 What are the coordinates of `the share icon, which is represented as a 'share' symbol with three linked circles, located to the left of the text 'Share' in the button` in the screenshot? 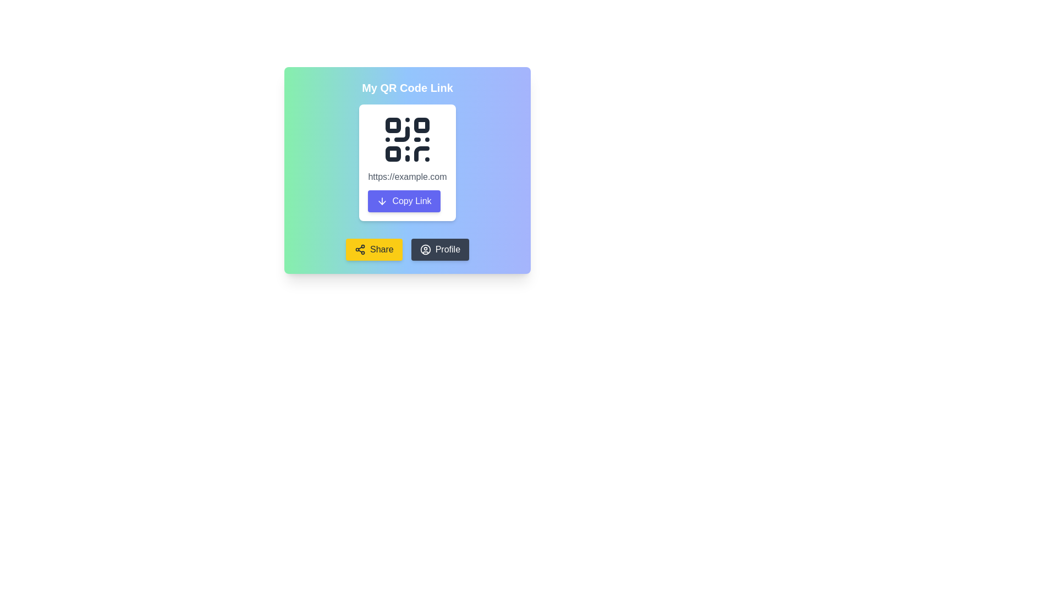 It's located at (360, 250).